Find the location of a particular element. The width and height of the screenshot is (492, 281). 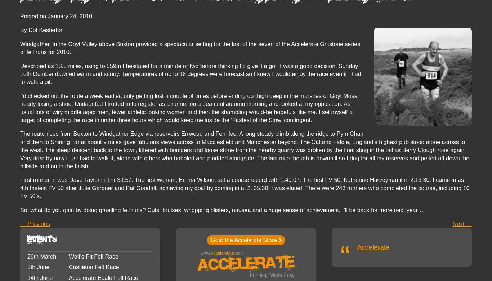

'Accelerate' is located at coordinates (357, 247).